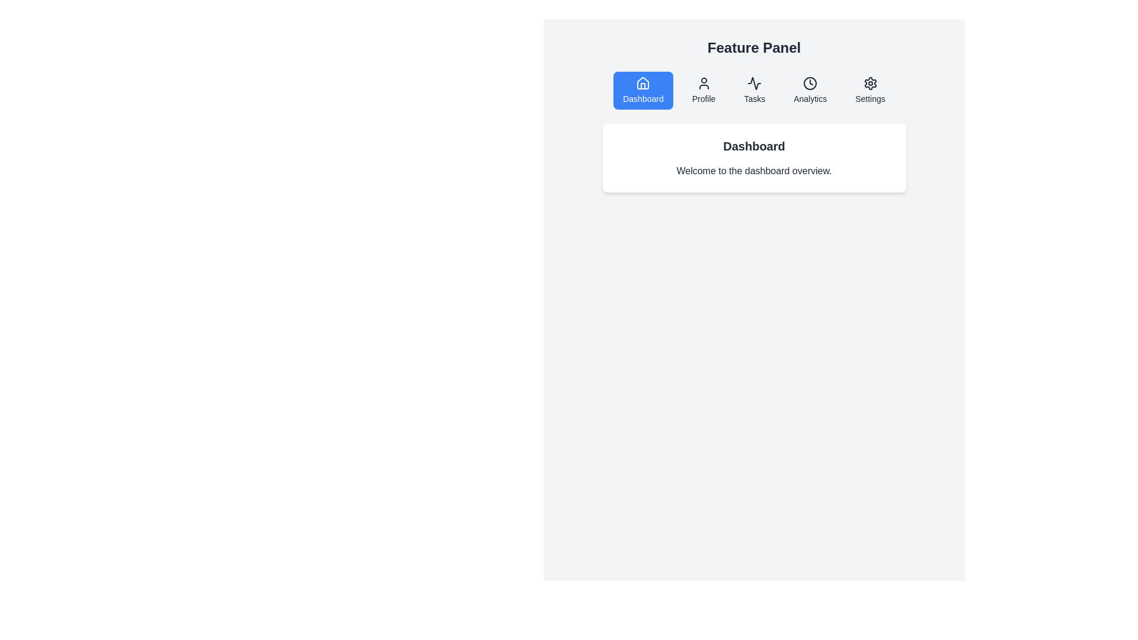 The image size is (1138, 640). Describe the element at coordinates (642, 90) in the screenshot. I see `the 'Dashboard' button, which is a rectangular button with a blue background and white text, including a house icon, located at the top left of the interface` at that location.